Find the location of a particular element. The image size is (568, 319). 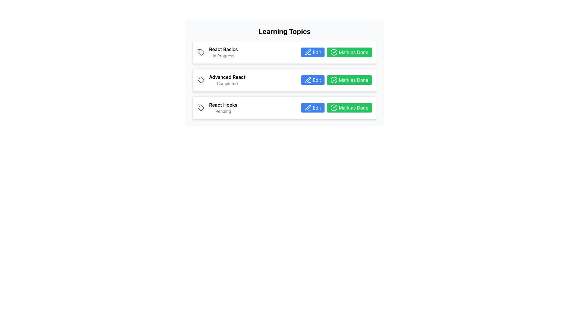

the 'React Basics' icon, which is the first element in the topmost row of the 'Learning Topics' section is located at coordinates (201, 52).